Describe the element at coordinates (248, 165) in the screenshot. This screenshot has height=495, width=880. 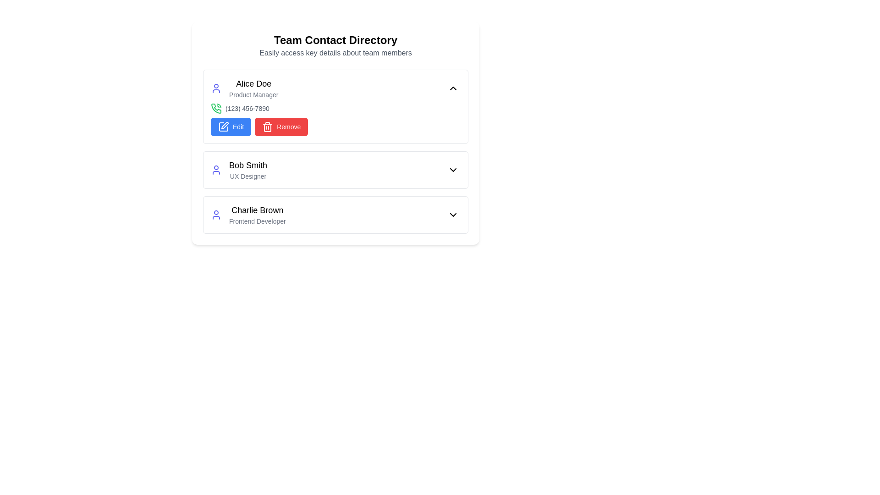
I see `the Text label displaying the contact's name in the second contact card, located above the role description 'UX Designer'` at that location.